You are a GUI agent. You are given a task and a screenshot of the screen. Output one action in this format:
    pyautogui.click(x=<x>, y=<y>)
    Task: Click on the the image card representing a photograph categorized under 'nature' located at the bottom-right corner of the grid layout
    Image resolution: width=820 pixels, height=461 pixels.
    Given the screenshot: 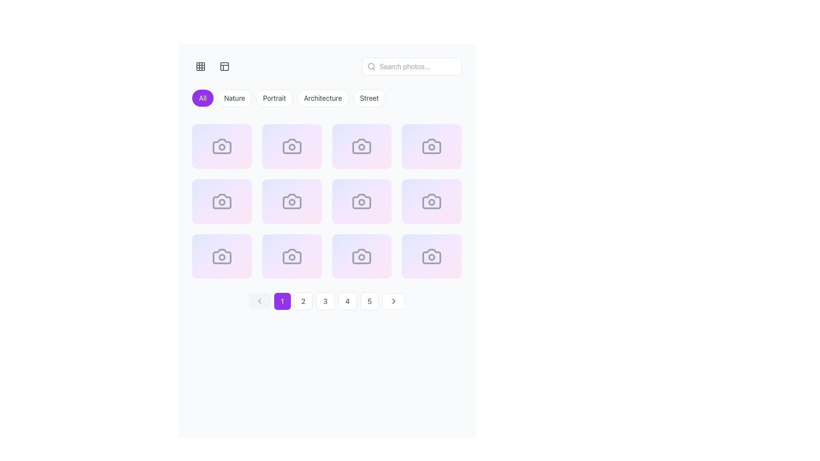 What is the action you would take?
    pyautogui.click(x=432, y=256)
    